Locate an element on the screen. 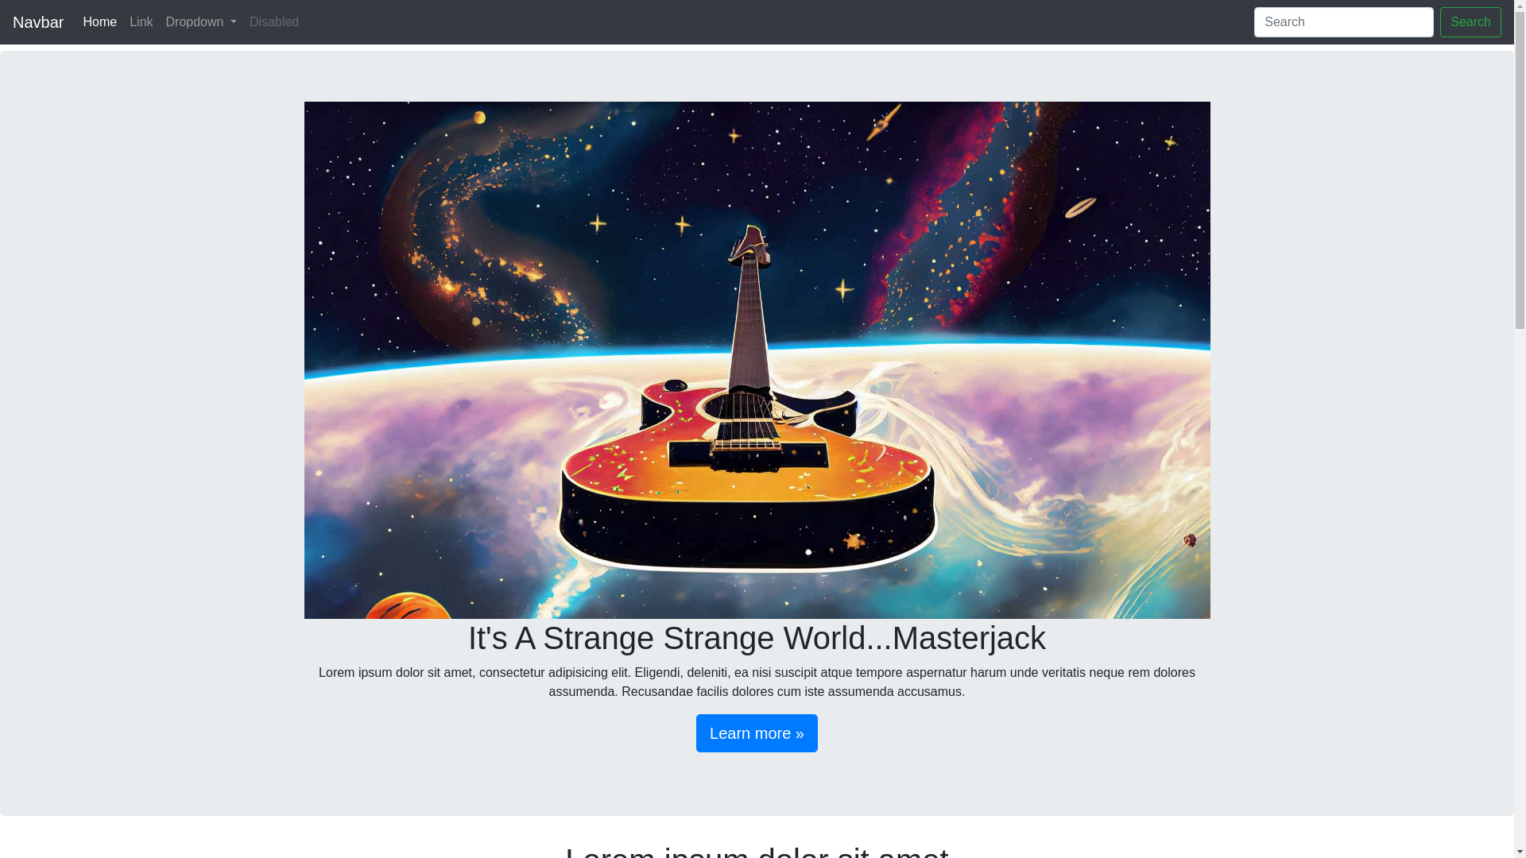 The width and height of the screenshot is (1526, 858). 'Dropdown' is located at coordinates (160, 21).